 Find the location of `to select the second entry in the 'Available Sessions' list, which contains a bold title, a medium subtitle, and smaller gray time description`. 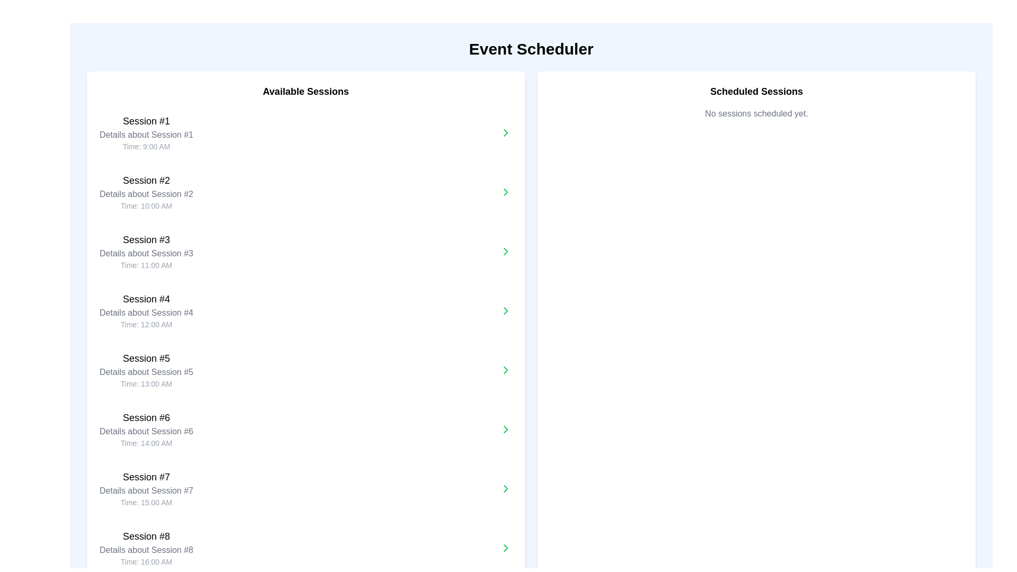

to select the second entry in the 'Available Sessions' list, which contains a bold title, a medium subtitle, and smaller gray time description is located at coordinates (146, 192).